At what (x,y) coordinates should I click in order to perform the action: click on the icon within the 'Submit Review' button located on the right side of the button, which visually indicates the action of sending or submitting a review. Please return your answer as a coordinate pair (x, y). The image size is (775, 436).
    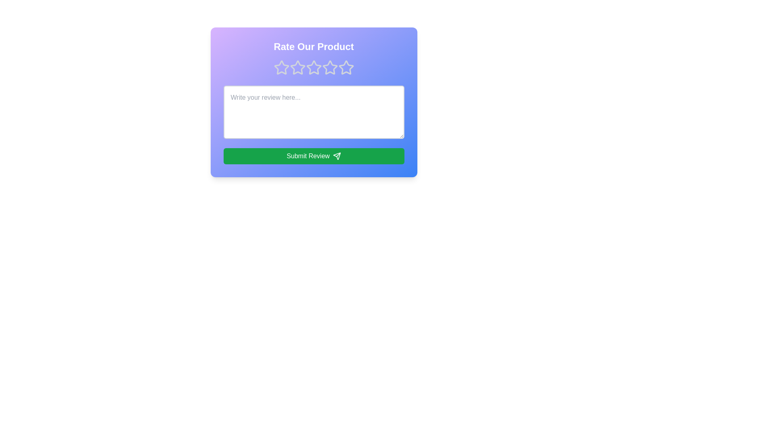
    Looking at the image, I should click on (337, 156).